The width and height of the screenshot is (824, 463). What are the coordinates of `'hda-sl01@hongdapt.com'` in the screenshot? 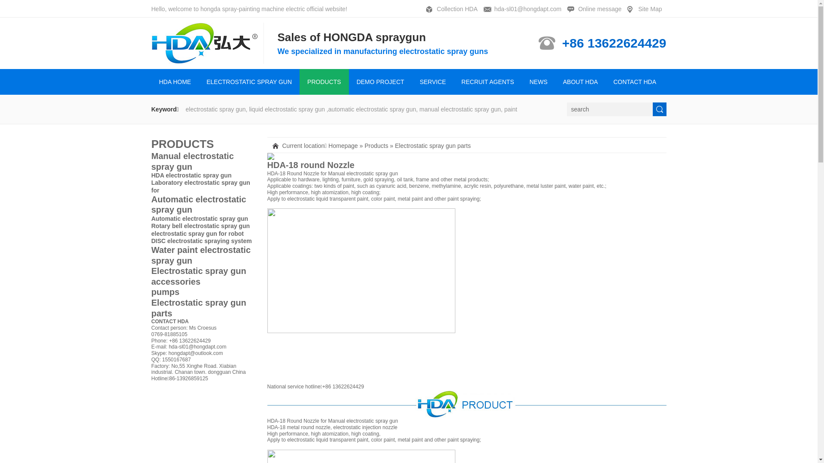 It's located at (524, 9).